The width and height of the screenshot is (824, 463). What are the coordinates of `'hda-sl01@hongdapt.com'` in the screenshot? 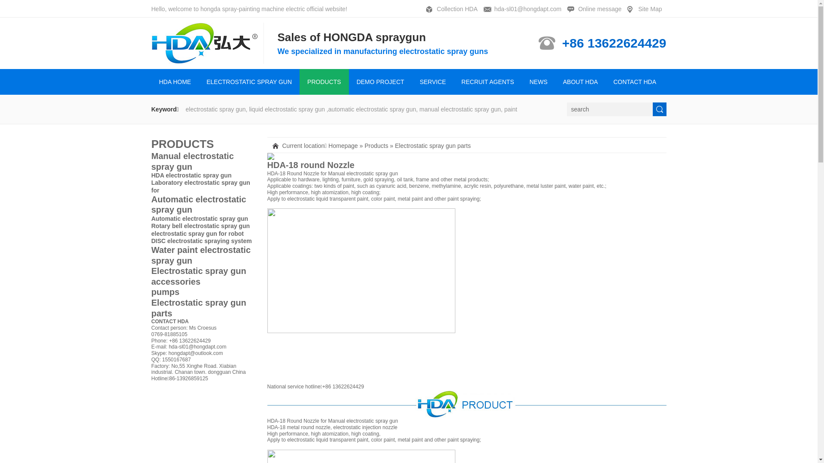 It's located at (524, 9).